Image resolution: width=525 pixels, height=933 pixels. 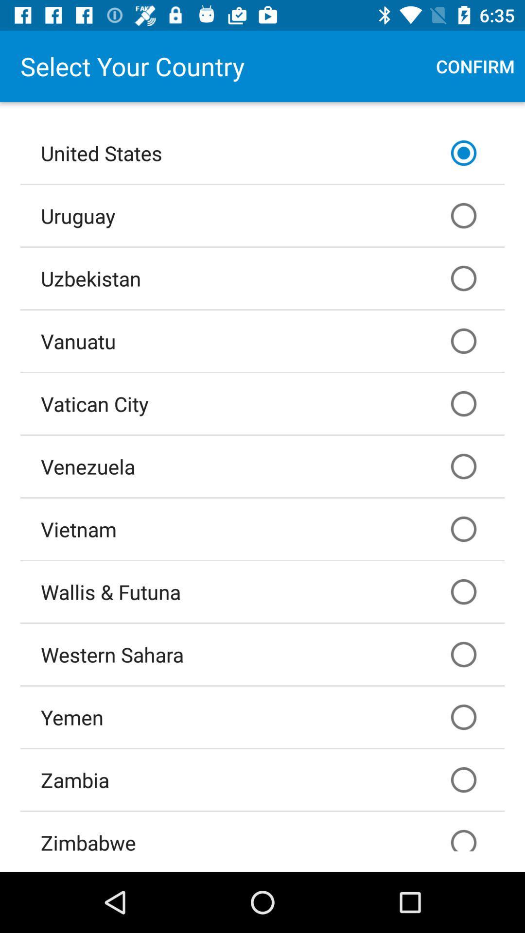 What do you see at coordinates (262, 717) in the screenshot?
I see `yemen icon` at bounding box center [262, 717].